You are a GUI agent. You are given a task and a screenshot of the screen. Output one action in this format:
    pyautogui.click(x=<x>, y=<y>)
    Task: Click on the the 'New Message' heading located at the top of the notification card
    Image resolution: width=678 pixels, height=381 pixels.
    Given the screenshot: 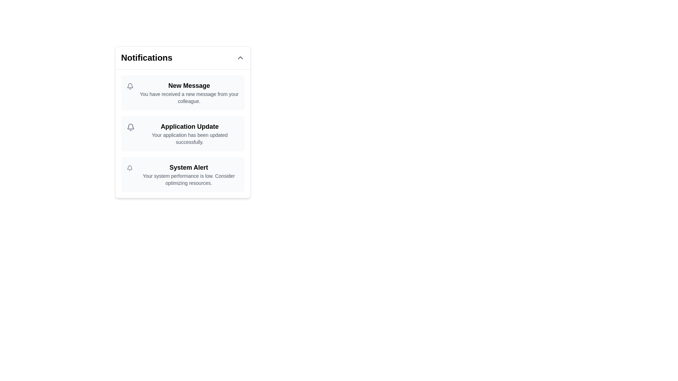 What is the action you would take?
    pyautogui.click(x=189, y=85)
    